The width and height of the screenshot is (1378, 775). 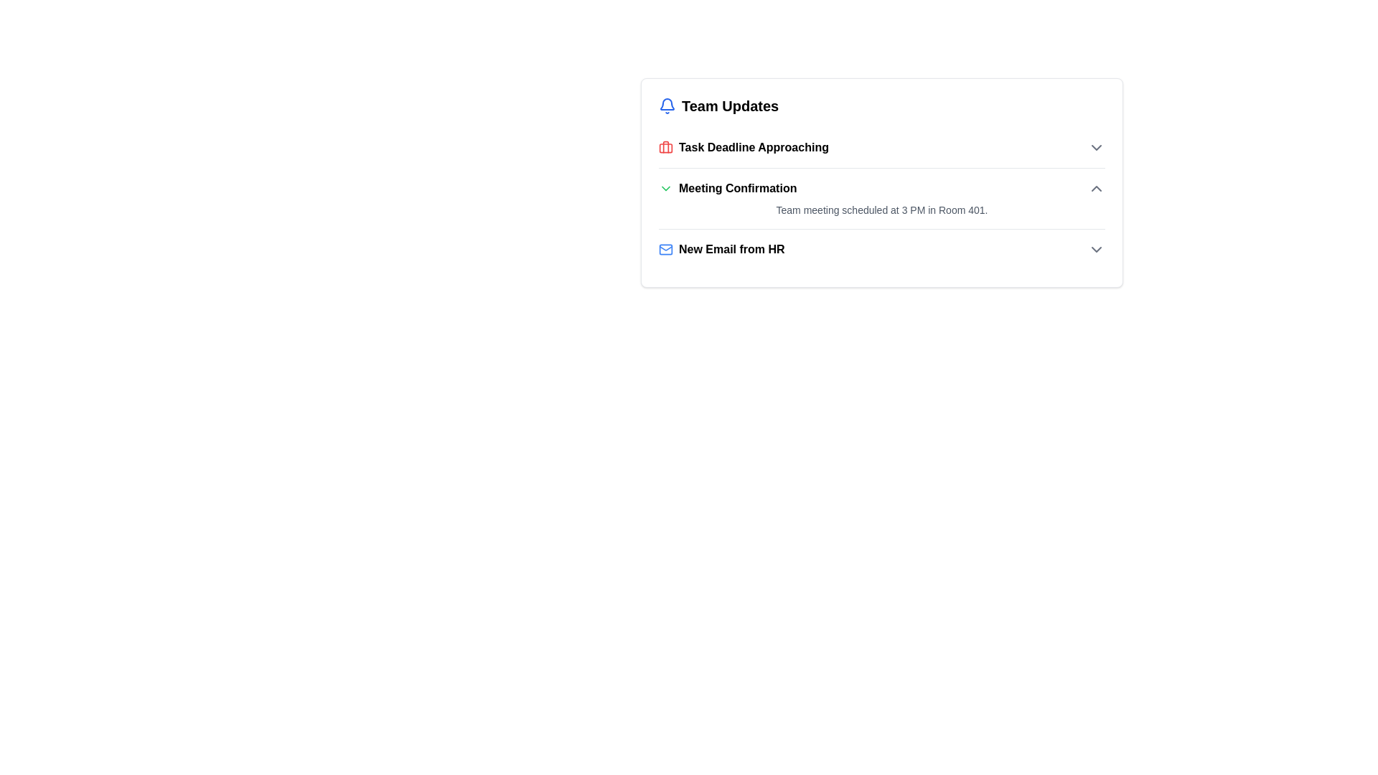 I want to click on the small blue envelope icon representing an email notification, which is located to the left of the text 'New Email from HR' in the notification list under 'Team Updates', so click(x=665, y=248).